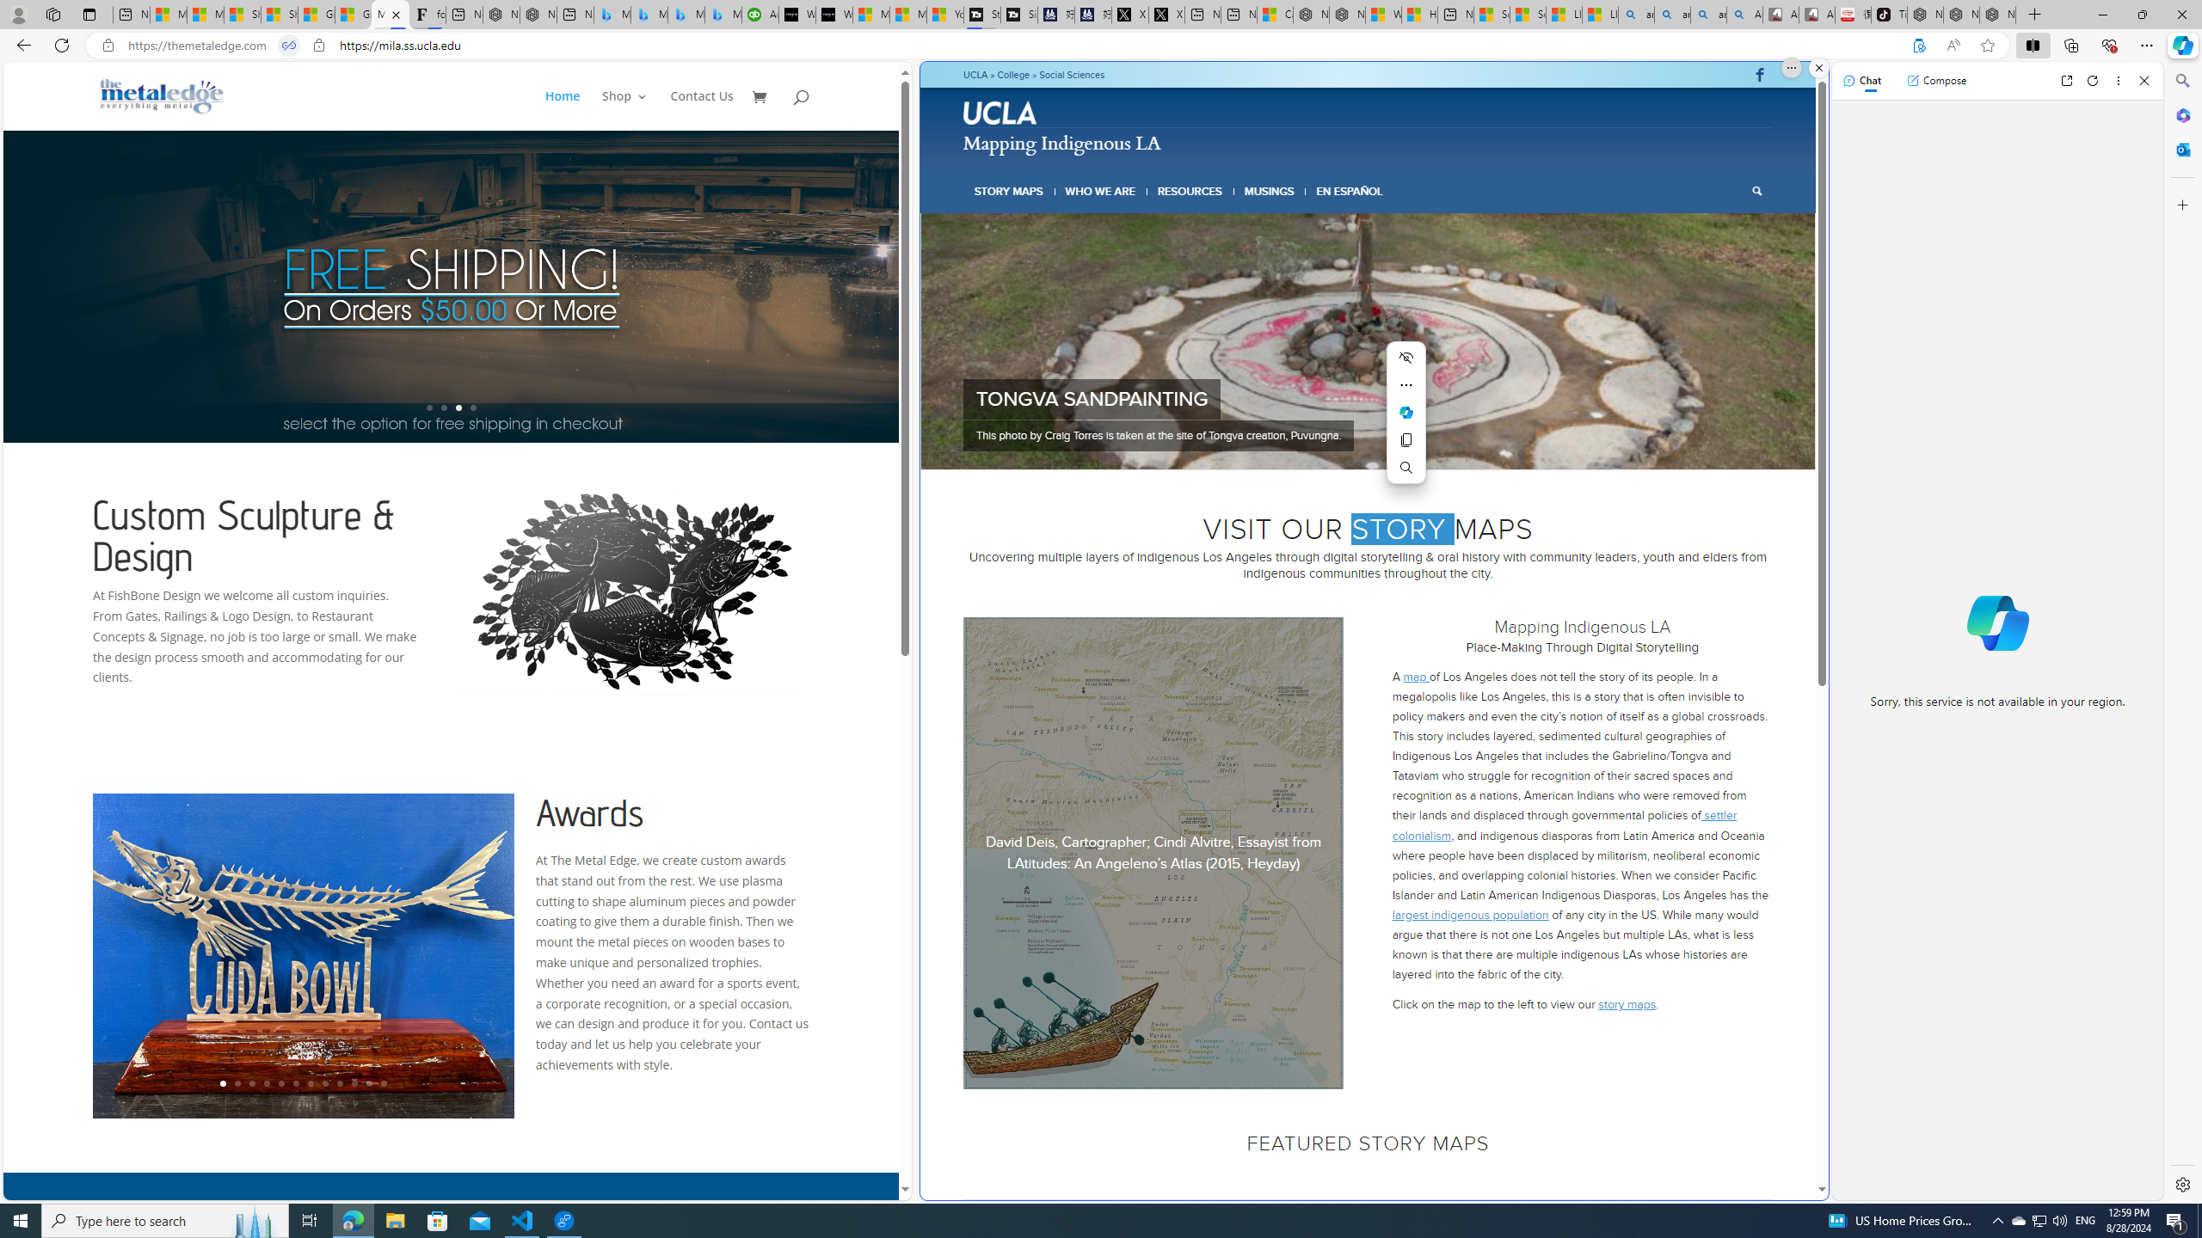 The image size is (2202, 1238). What do you see at coordinates (1405, 411) in the screenshot?
I see `'Mini menu on text selection'` at bounding box center [1405, 411].